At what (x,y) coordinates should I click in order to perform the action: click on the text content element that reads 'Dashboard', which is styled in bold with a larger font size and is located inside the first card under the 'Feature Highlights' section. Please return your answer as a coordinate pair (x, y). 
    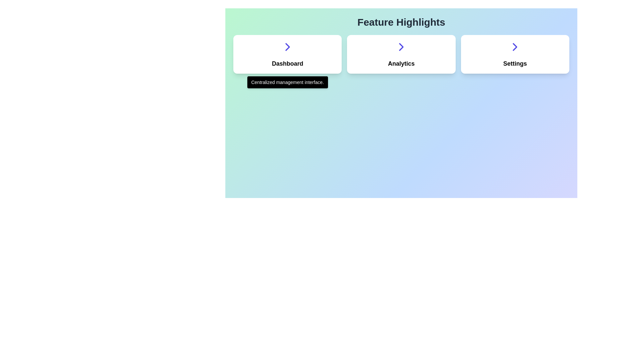
    Looking at the image, I should click on (287, 64).